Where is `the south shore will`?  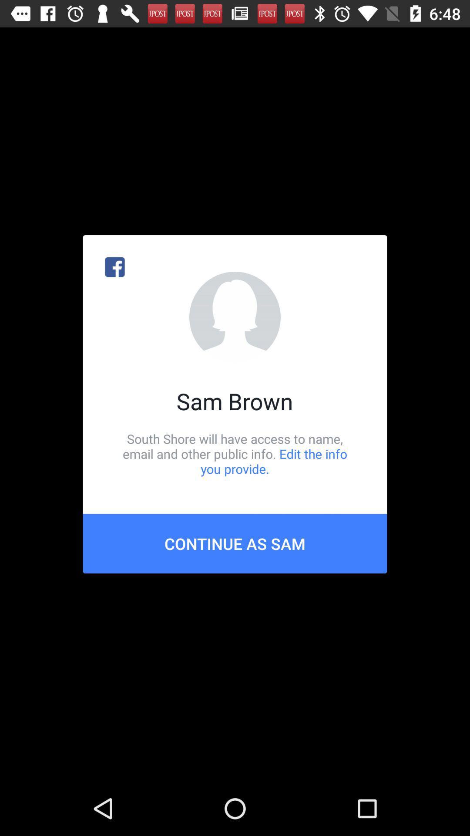 the south shore will is located at coordinates (235, 453).